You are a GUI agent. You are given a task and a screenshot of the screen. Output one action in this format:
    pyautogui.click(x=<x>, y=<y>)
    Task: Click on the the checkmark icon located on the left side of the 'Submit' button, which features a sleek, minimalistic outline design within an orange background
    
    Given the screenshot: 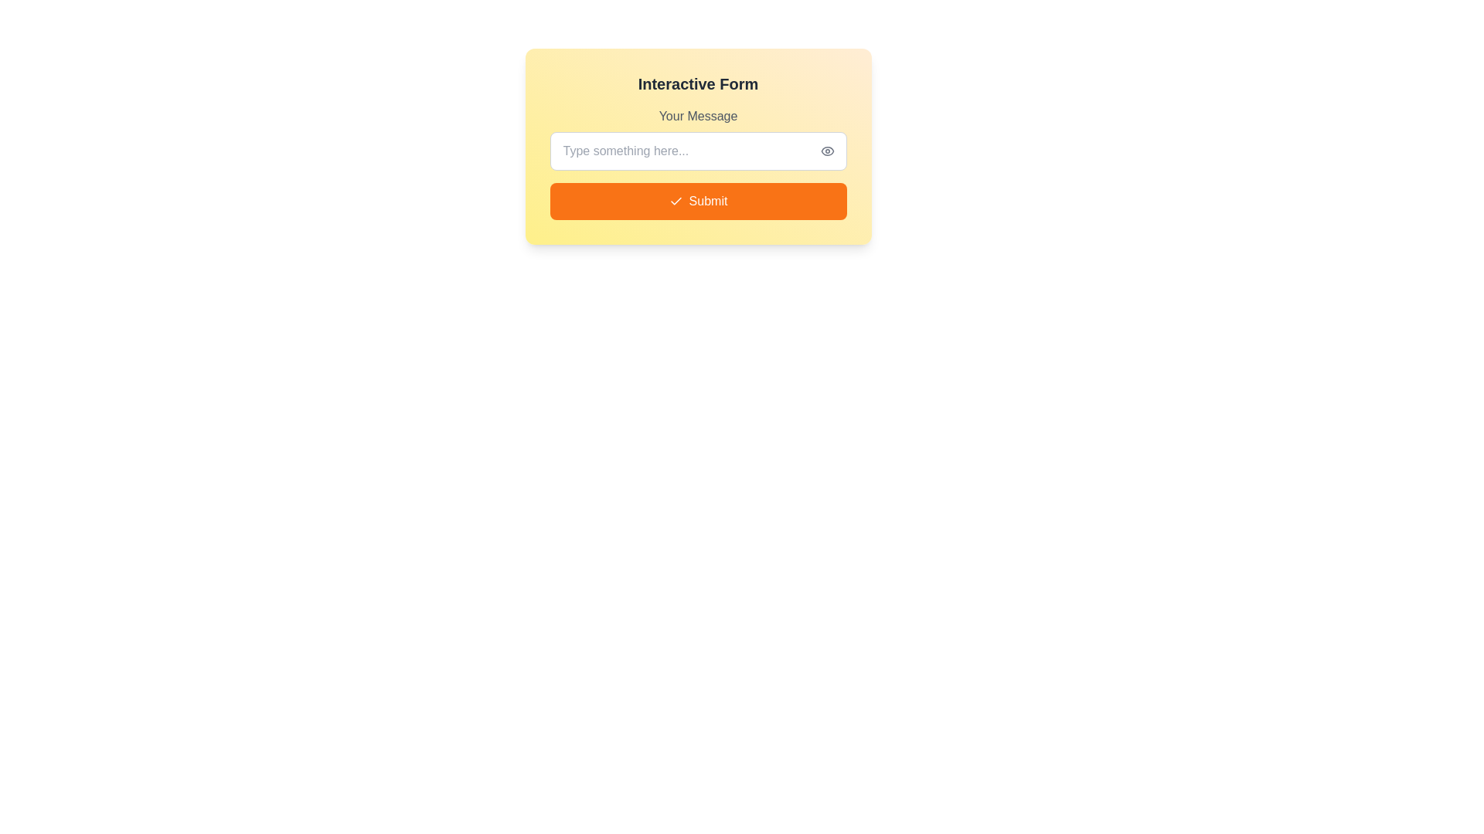 What is the action you would take?
    pyautogui.click(x=676, y=201)
    